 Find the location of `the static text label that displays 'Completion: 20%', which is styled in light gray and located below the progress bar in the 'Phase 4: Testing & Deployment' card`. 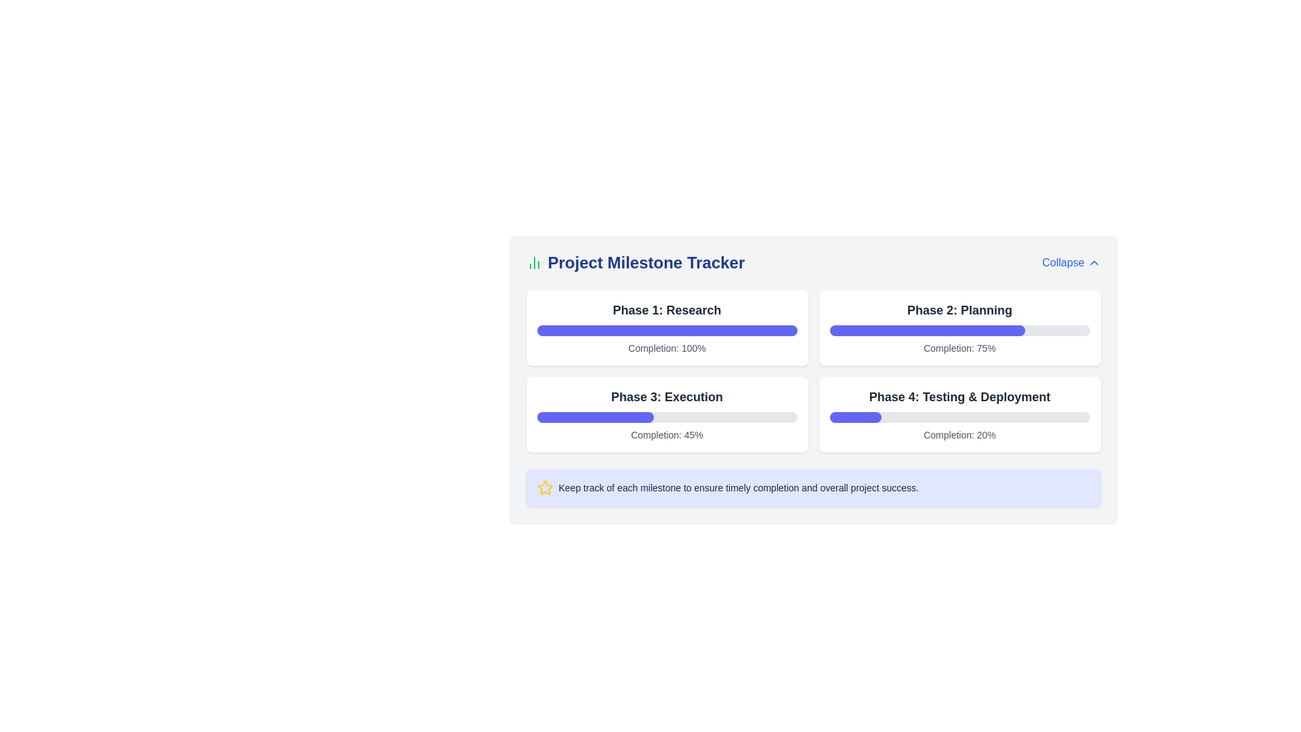

the static text label that displays 'Completion: 20%', which is styled in light gray and located below the progress bar in the 'Phase 4: Testing & Deployment' card is located at coordinates (959, 434).